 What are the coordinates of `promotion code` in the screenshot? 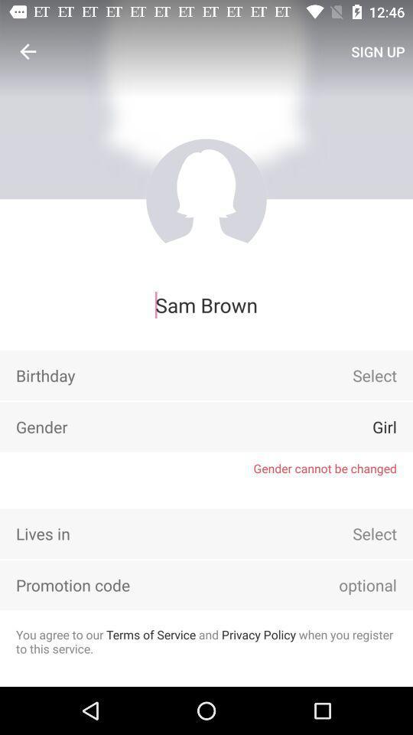 It's located at (346, 584).